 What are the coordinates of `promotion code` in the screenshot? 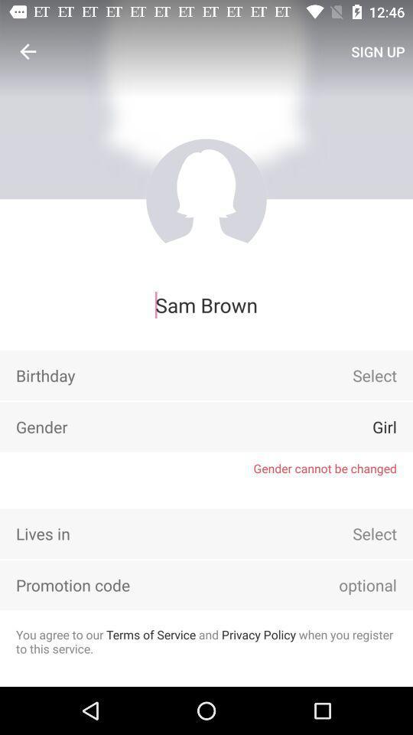 It's located at (346, 584).